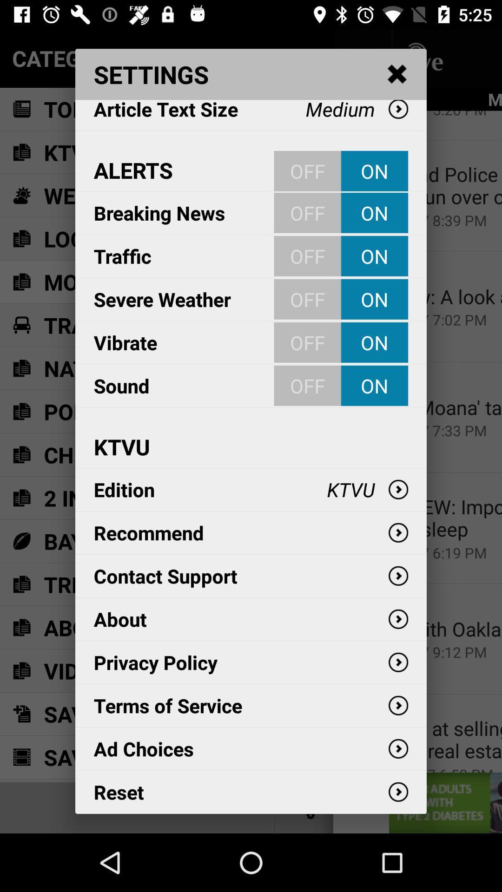 Image resolution: width=502 pixels, height=892 pixels. What do you see at coordinates (397, 74) in the screenshot?
I see `settings` at bounding box center [397, 74].